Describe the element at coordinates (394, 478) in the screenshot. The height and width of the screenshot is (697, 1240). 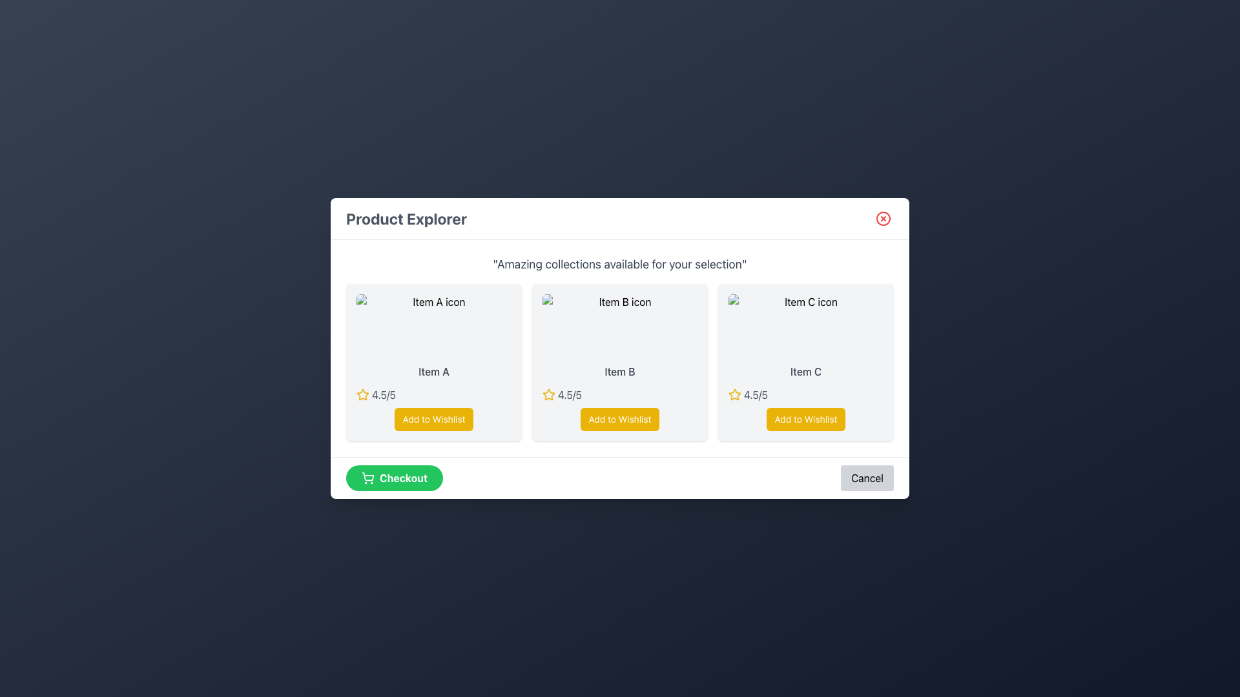
I see `the 'Checkout' button located in the lower left portion of the bar at the bottom of the interface to proceed to the checkout process` at that location.